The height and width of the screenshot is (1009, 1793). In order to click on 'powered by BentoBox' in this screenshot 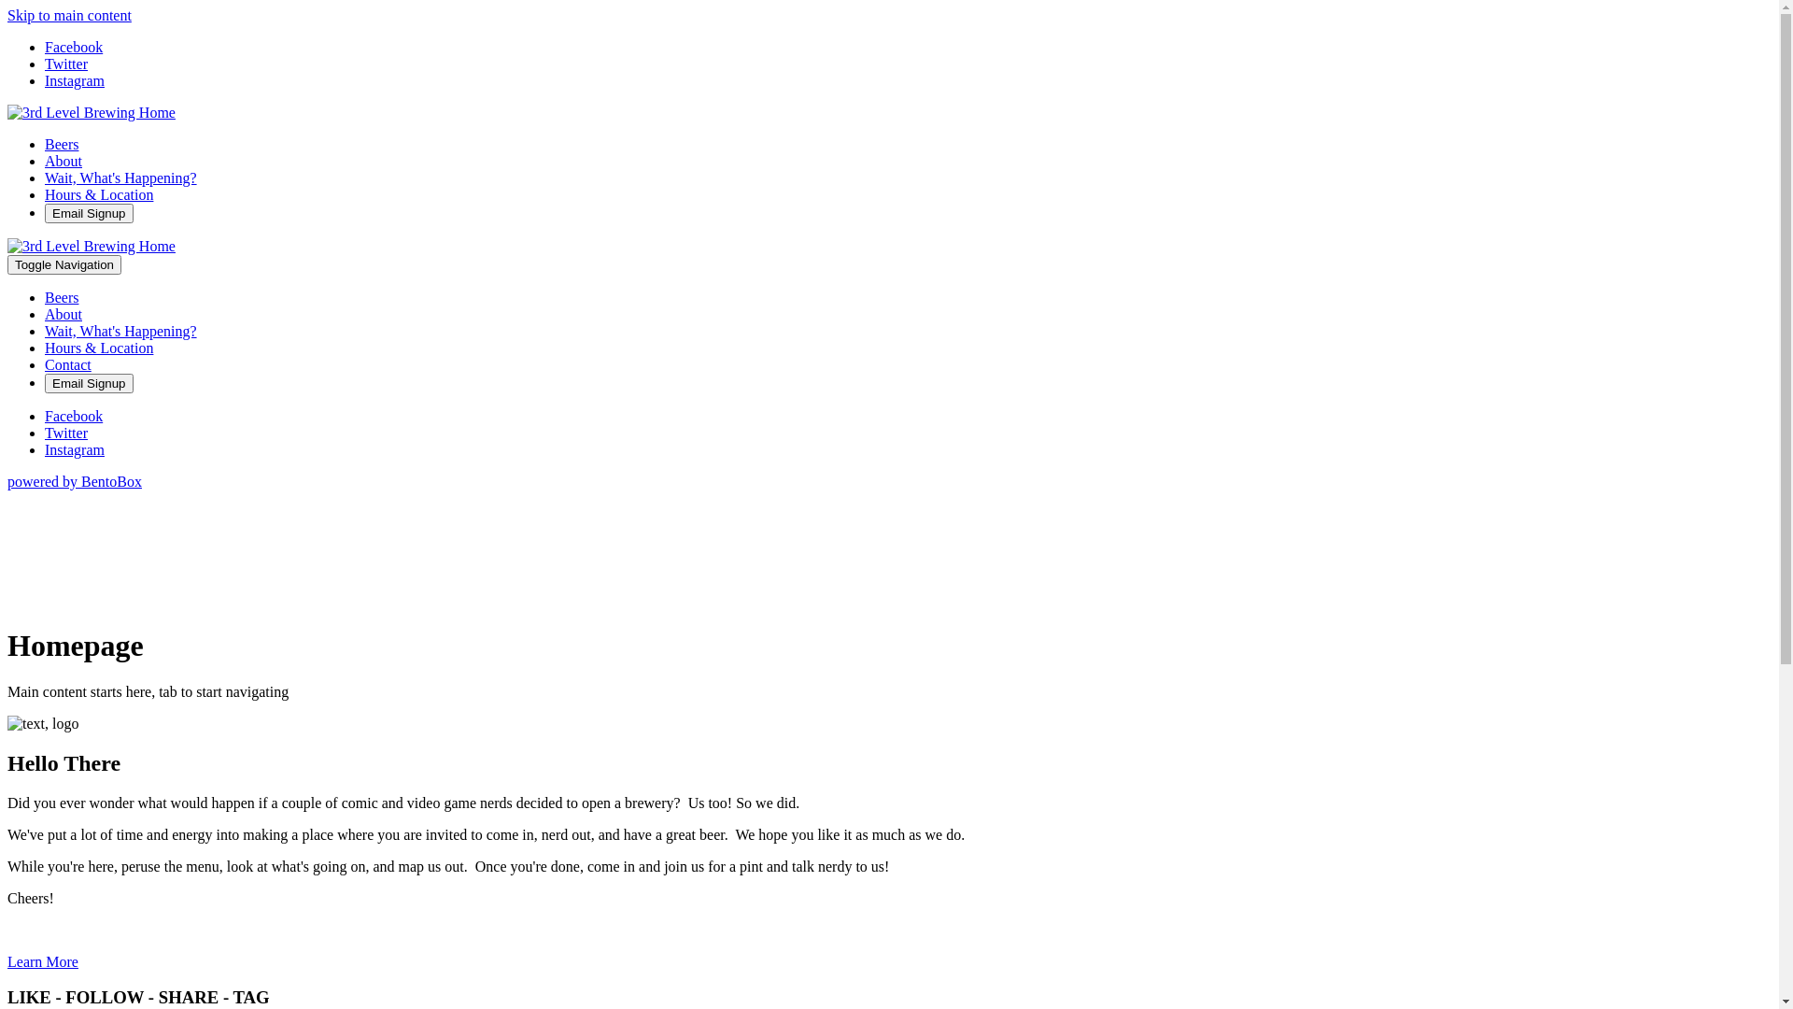, I will do `click(7, 480)`.